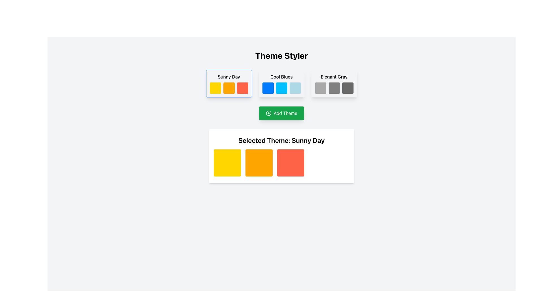  I want to click on the bold text label reading 'Cool Blues' which is positioned above three colored swatches in the middle theme block, so click(281, 77).